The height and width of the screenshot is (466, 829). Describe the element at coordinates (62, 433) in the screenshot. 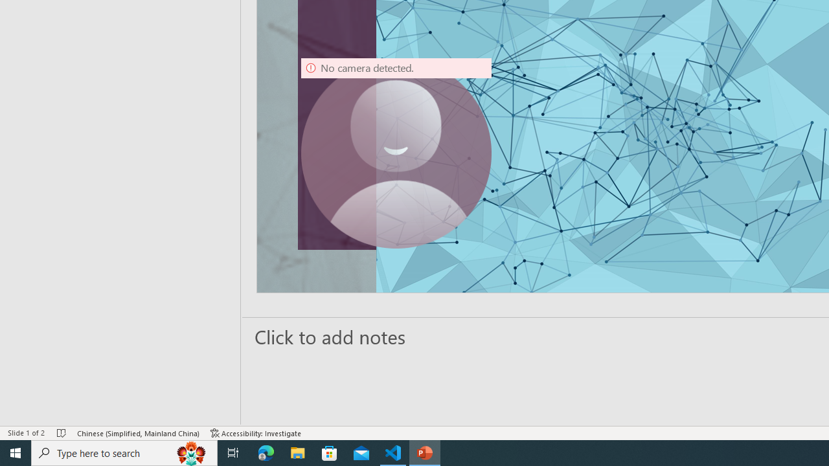

I see `'Spell Check No Errors'` at that location.